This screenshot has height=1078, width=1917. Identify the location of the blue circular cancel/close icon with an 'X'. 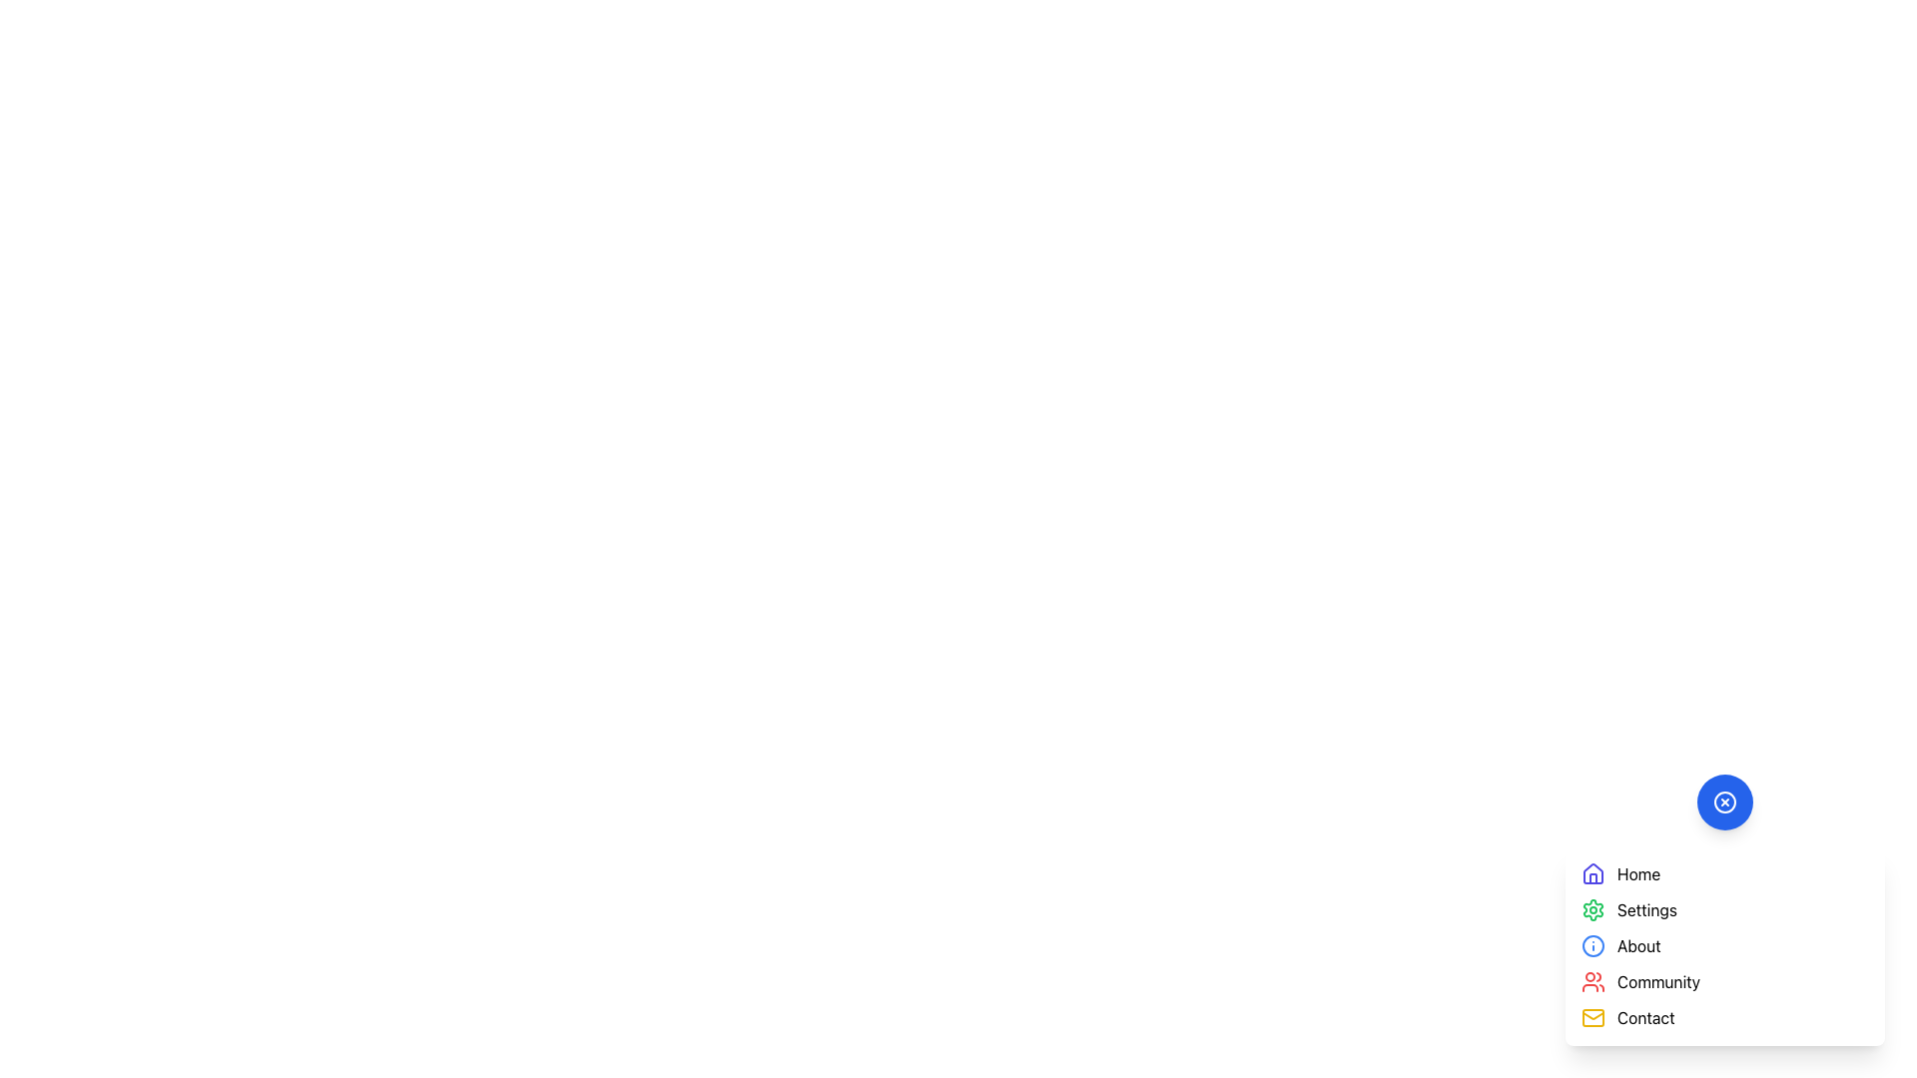
(1724, 801).